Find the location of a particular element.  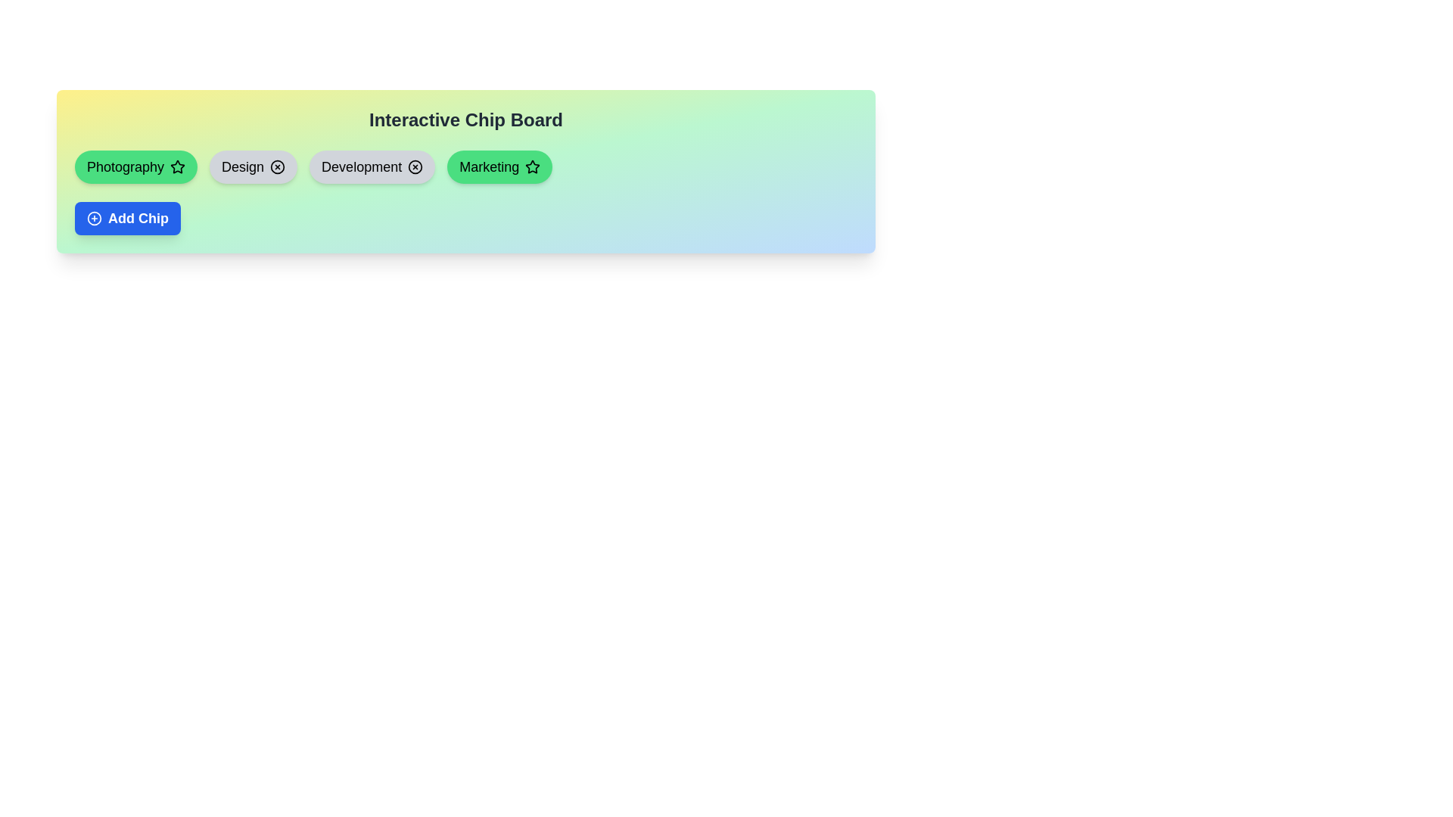

the 'Add Chip' icon located to the left of the text label within the 'Add Chip' button in the lower-left section of the card-like interface is located at coordinates (93, 219).